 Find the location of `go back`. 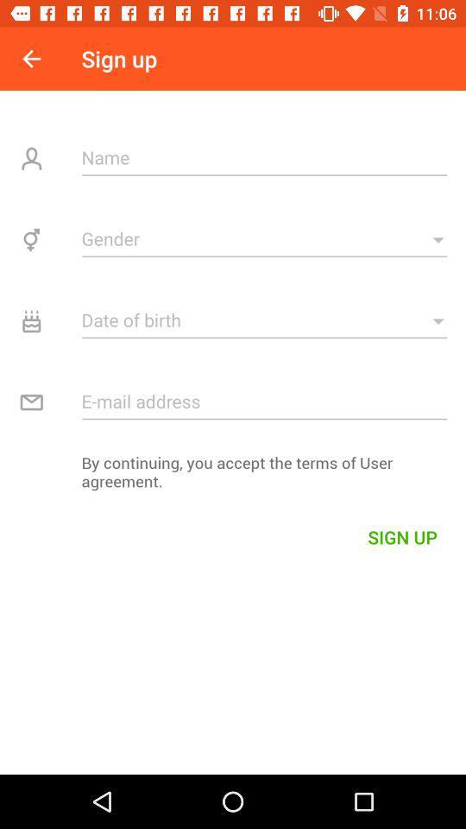

go back is located at coordinates (31, 59).